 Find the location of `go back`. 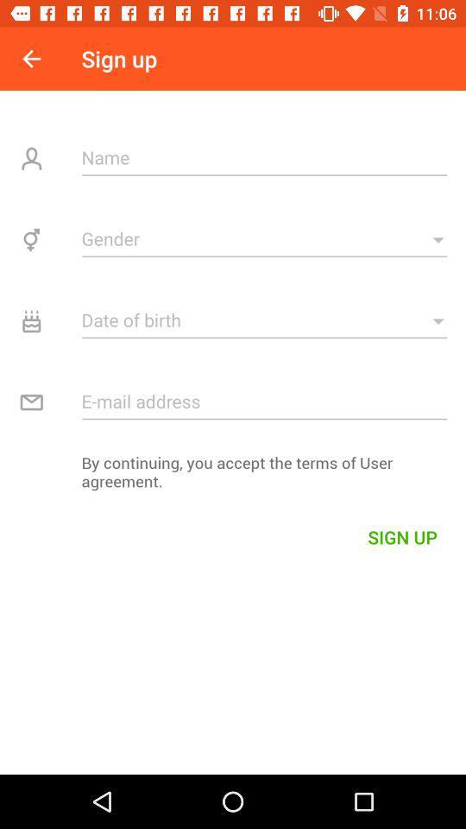

go back is located at coordinates (31, 59).